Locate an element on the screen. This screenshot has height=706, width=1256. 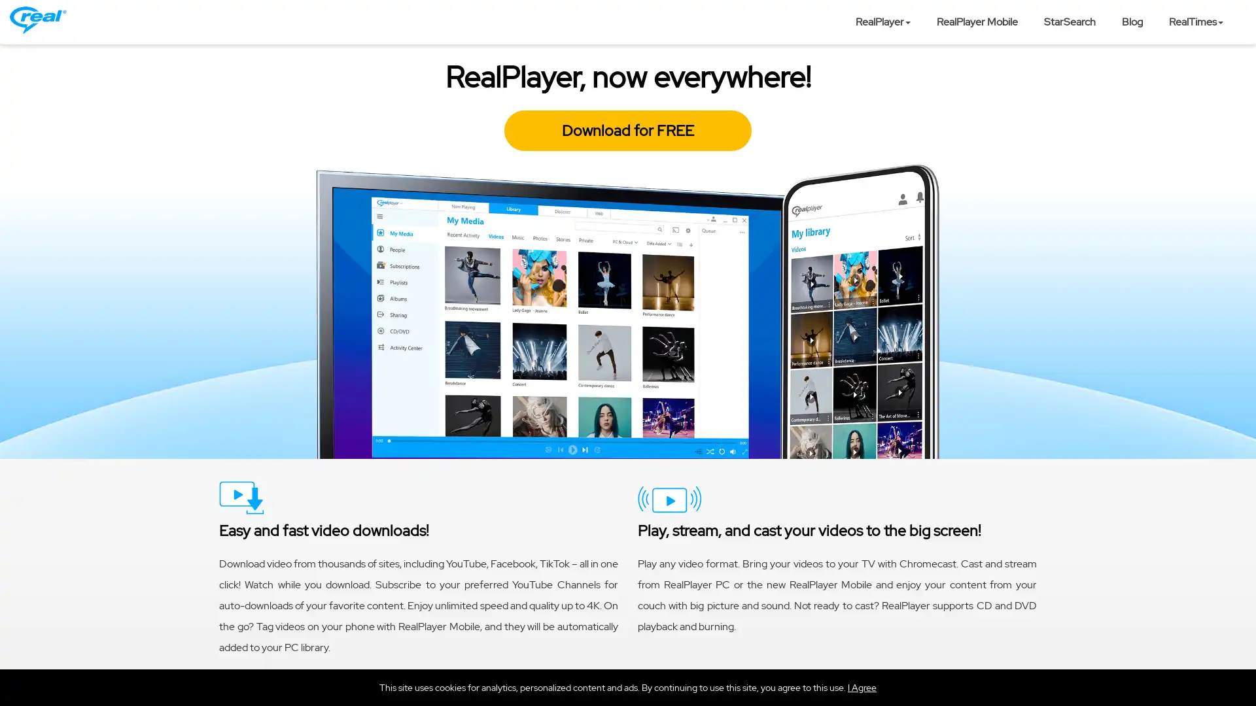
Download for FREE is located at coordinates (628, 131).